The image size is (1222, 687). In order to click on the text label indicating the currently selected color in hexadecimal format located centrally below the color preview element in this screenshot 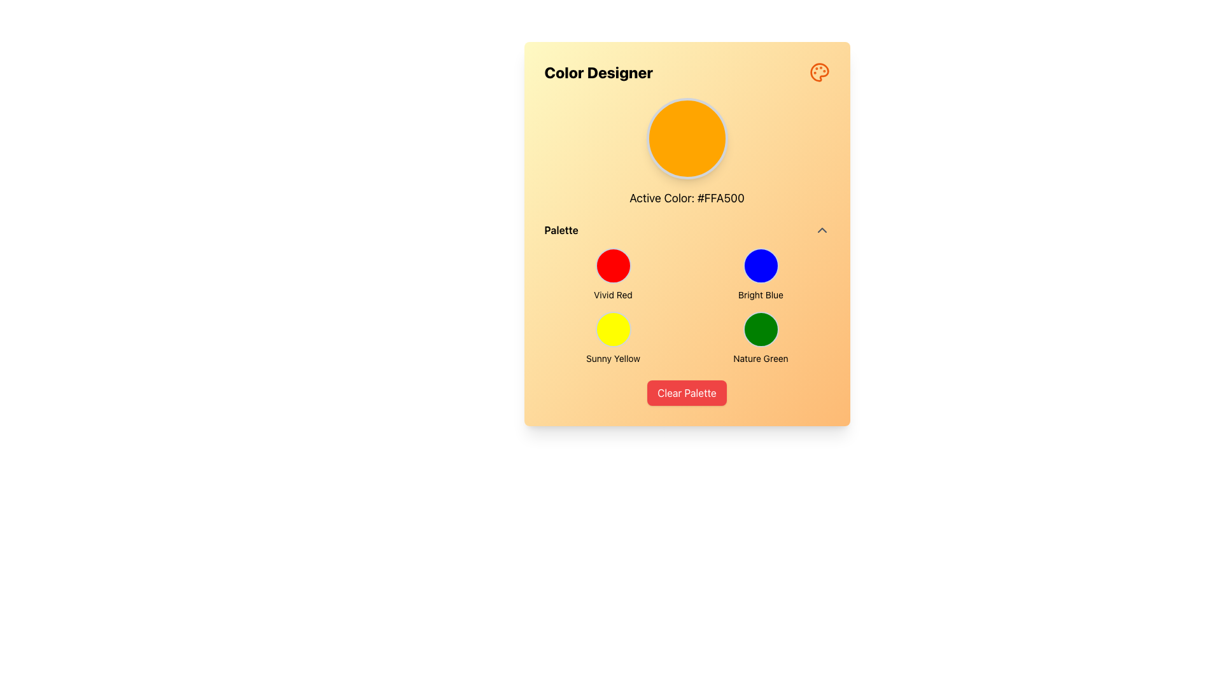, I will do `click(686, 198)`.